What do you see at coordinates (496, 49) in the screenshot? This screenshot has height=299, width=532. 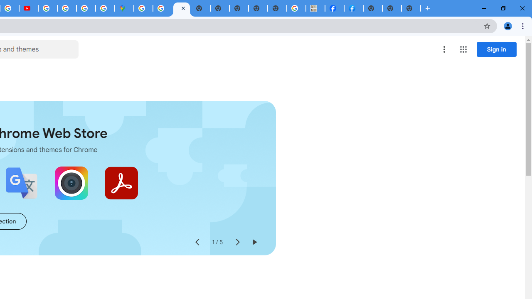 I see `'Sign in'` at bounding box center [496, 49].